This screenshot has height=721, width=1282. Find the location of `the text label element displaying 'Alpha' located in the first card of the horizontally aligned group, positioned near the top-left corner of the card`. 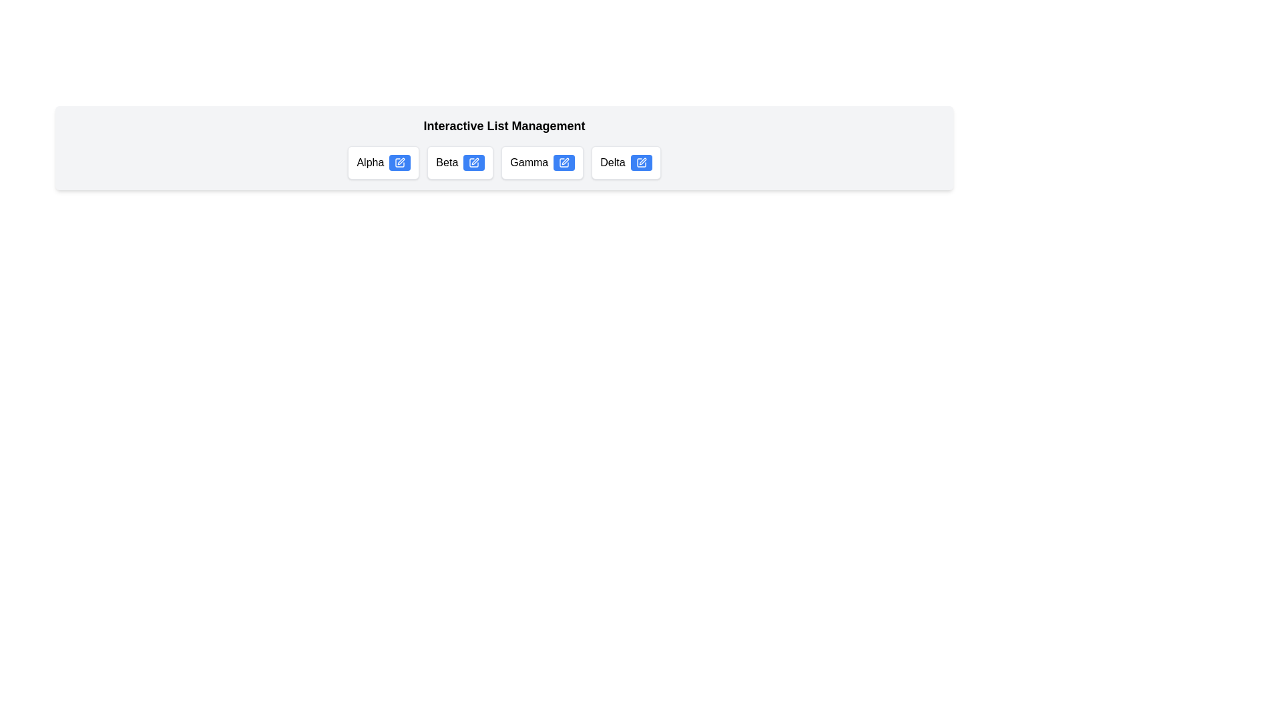

the text label element displaying 'Alpha' located in the first card of the horizontally aligned group, positioned near the top-left corner of the card is located at coordinates (370, 162).